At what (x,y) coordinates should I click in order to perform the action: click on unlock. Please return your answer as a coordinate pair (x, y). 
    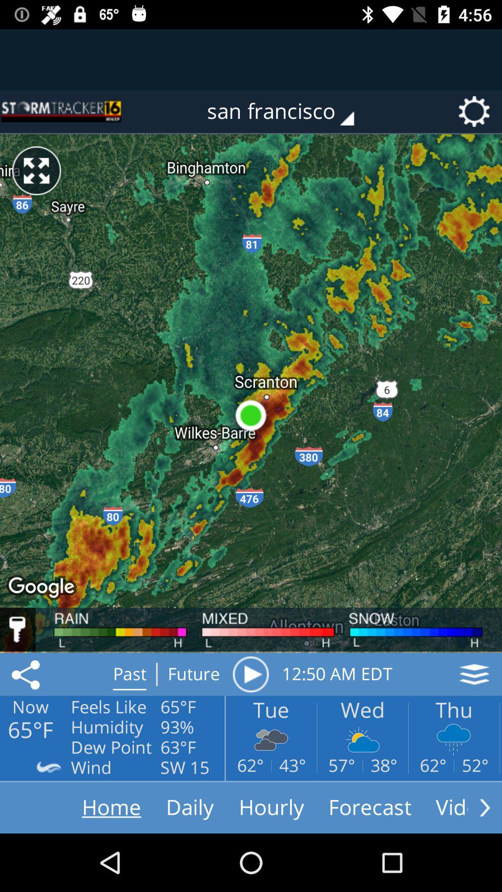
    Looking at the image, I should click on (18, 630).